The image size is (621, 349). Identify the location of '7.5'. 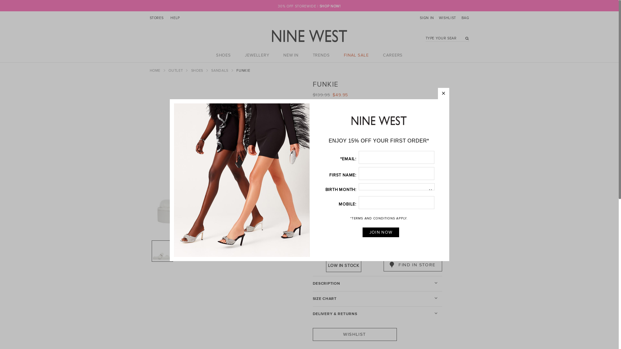
(409, 158).